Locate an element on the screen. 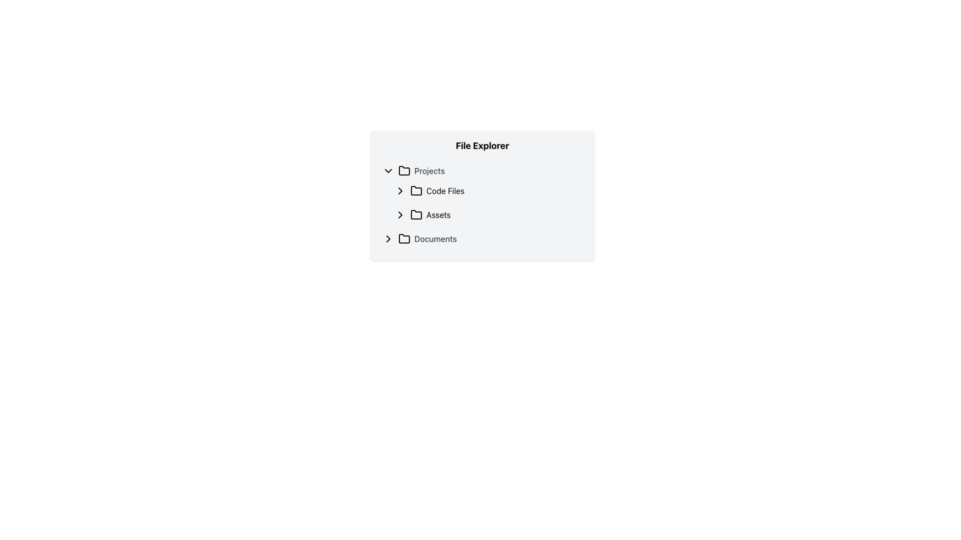 The height and width of the screenshot is (540, 961). the Chevron icon that indicates expand/collapse functionality for the 'Code Files' list item in the File Explorer UI is located at coordinates (388, 239).